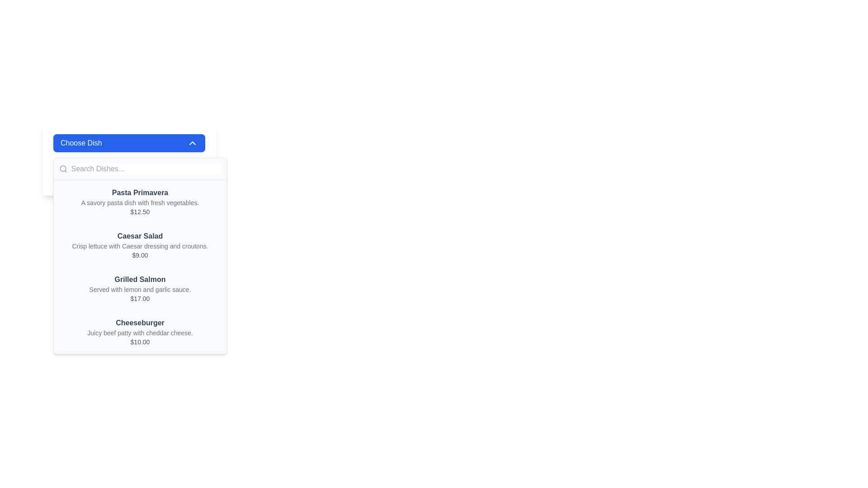 The image size is (868, 488). What do you see at coordinates (140, 332) in the screenshot?
I see `the List item displaying 'Cheeseburger'` at bounding box center [140, 332].